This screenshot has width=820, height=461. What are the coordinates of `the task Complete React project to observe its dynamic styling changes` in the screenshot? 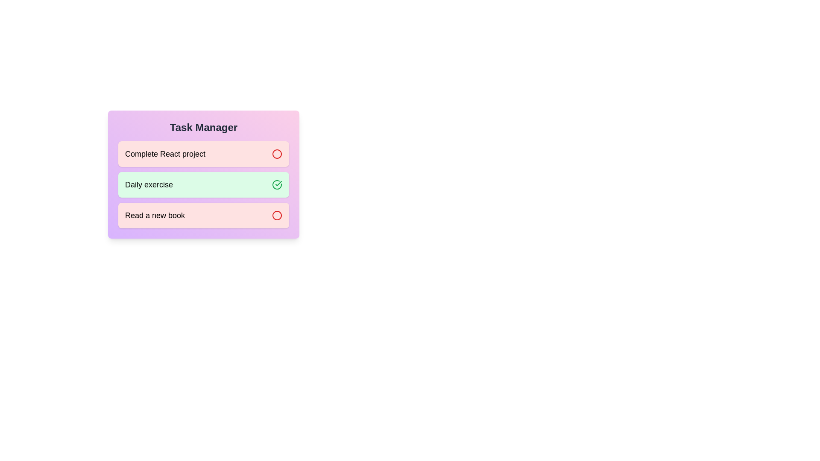 It's located at (203, 154).